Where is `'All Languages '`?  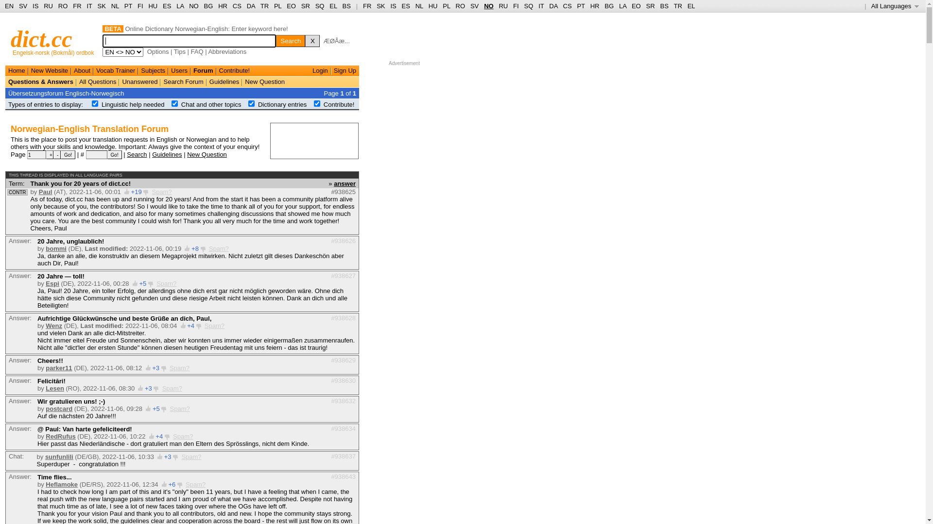 'All Languages ' is located at coordinates (871, 6).